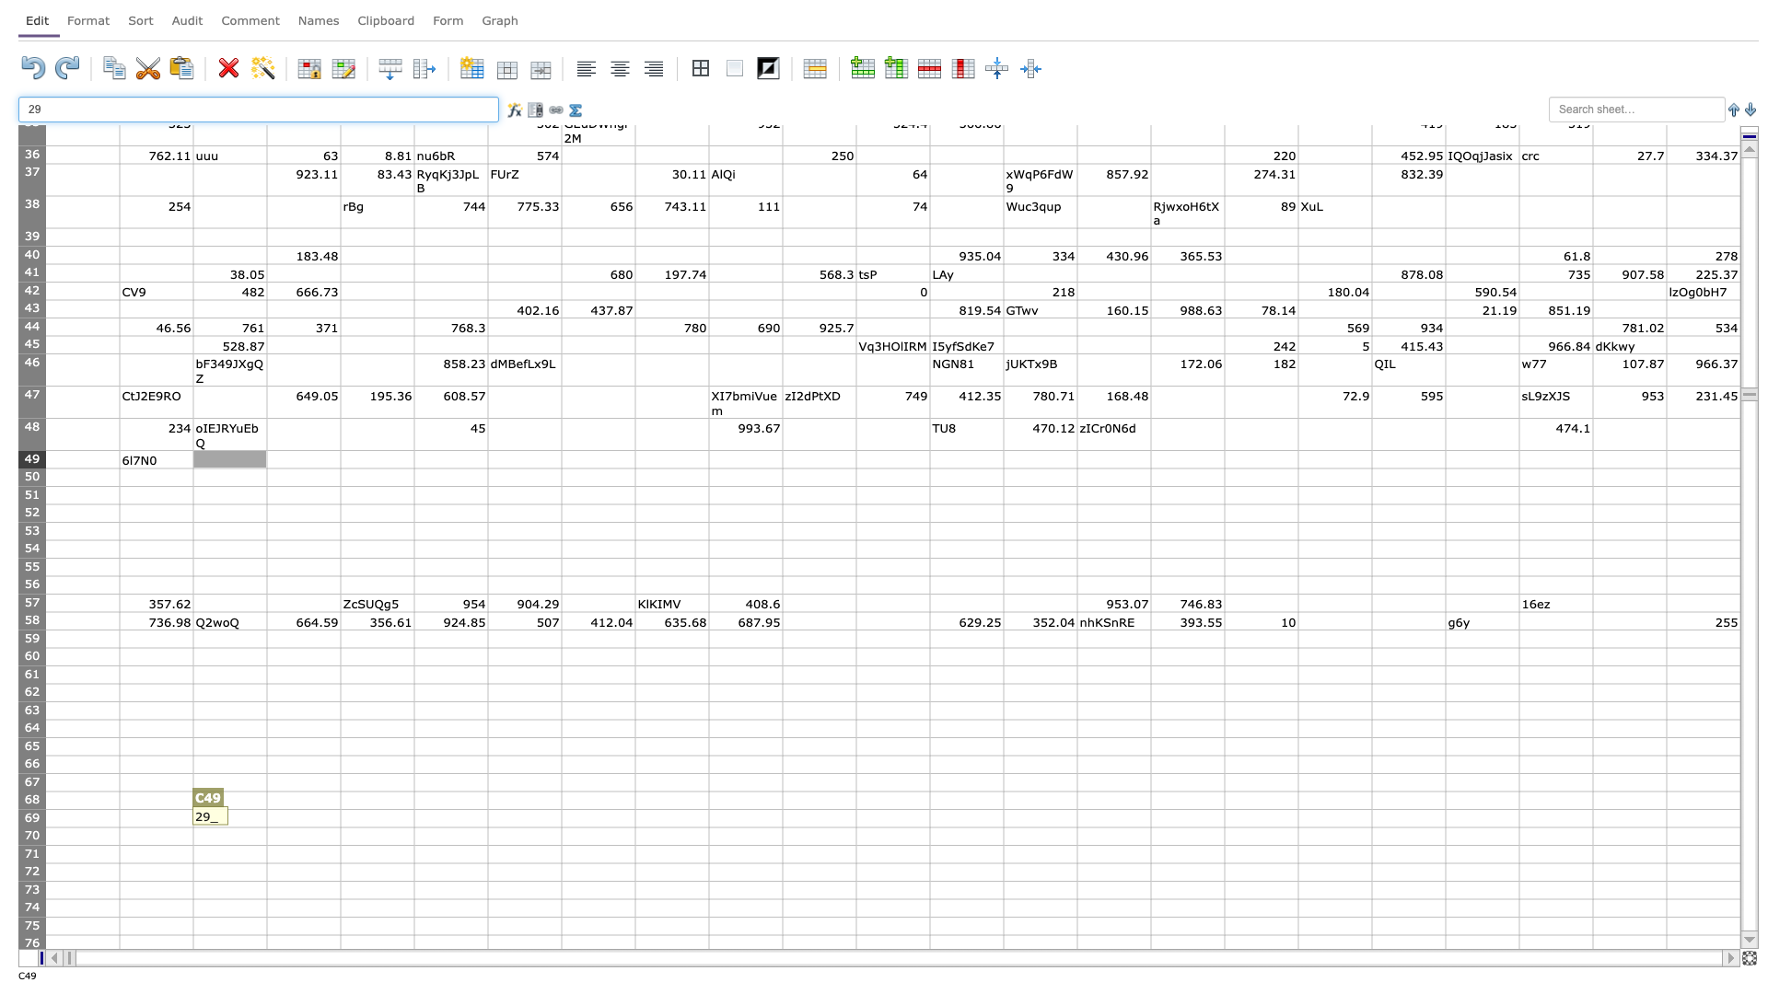 The image size is (1768, 994). I want to click on Auto-fill point of cell K69, so click(855, 826).